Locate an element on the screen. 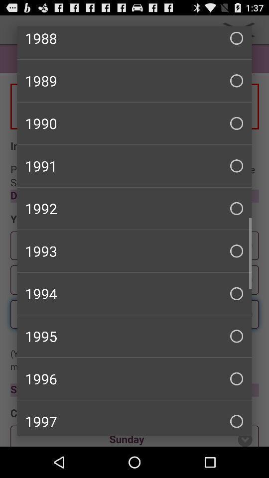 The image size is (269, 478). 1991 checkbox is located at coordinates (134, 166).